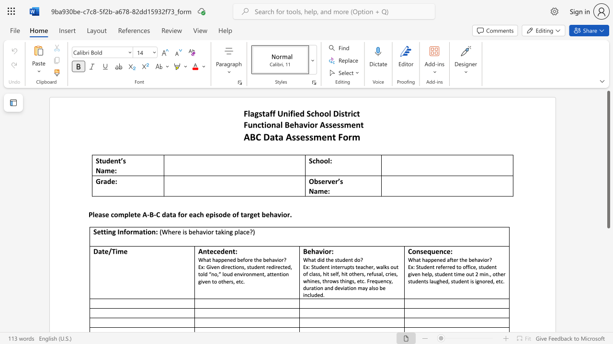 The image size is (613, 344). I want to click on the subset text "r." within the text "Please complete A‐B‐C data for each episode of target behavior.", so click(286, 214).